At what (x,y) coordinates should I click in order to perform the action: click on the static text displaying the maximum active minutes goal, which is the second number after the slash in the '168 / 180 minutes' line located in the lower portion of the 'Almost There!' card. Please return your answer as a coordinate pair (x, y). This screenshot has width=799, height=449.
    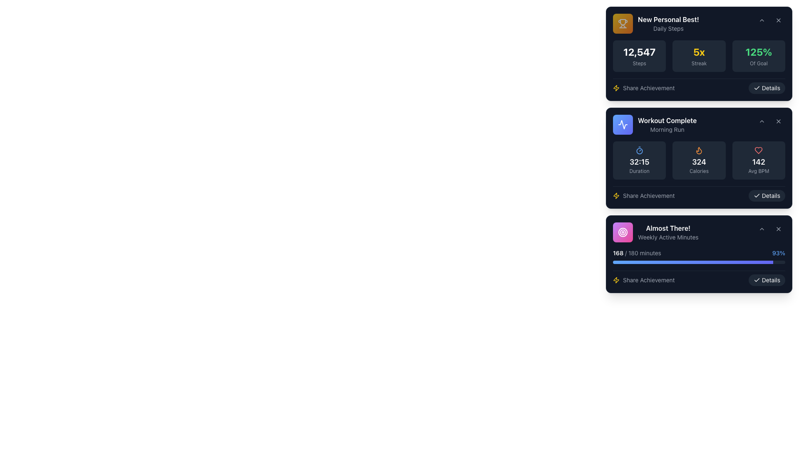
    Looking at the image, I should click on (633, 252).